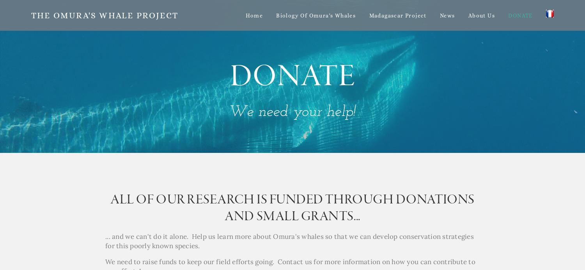 This screenshot has width=585, height=270. I want to click on 'Madagascar Project', so click(369, 15).